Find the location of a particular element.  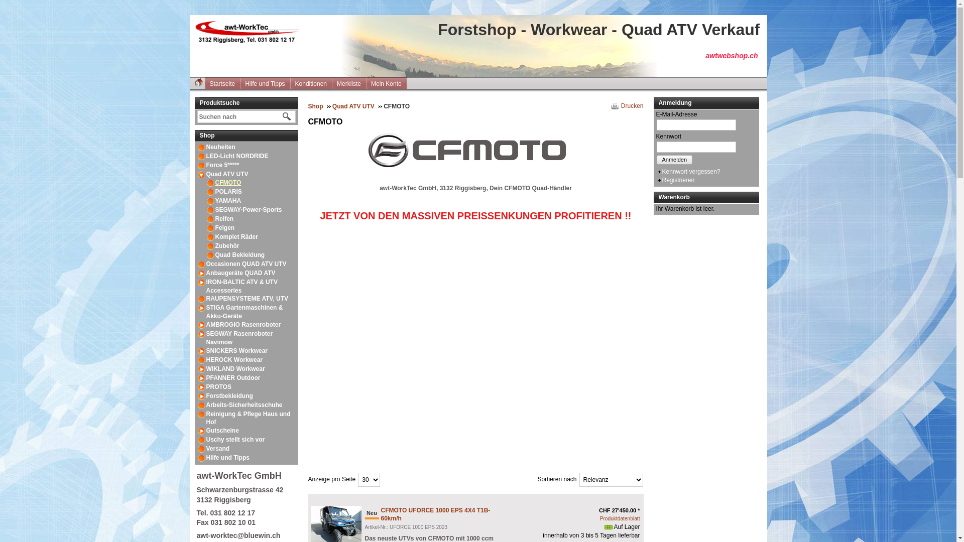

'Registrieren' is located at coordinates (675, 179).